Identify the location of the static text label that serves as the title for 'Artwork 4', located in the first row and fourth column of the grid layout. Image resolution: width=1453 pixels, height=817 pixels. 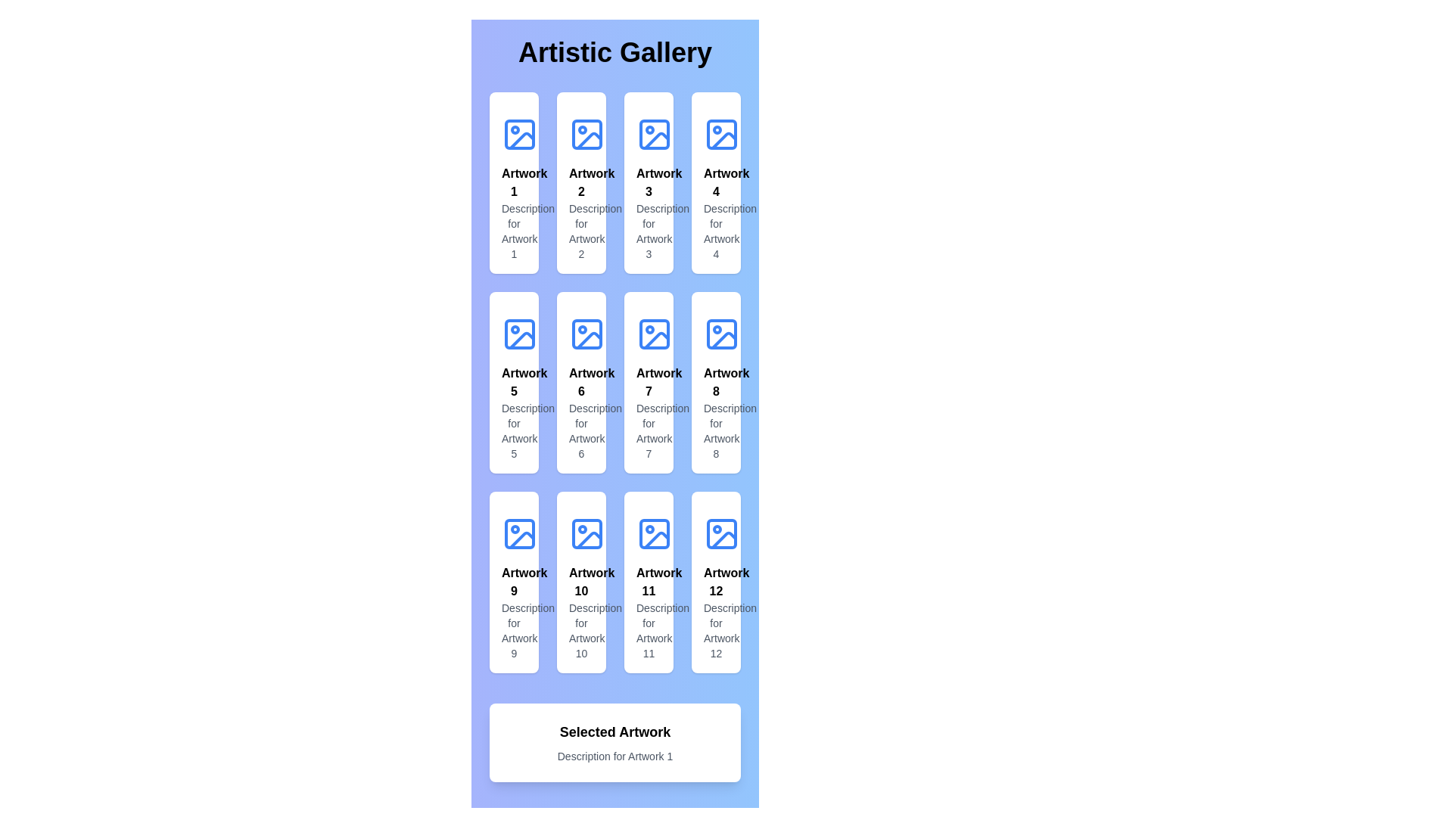
(715, 182).